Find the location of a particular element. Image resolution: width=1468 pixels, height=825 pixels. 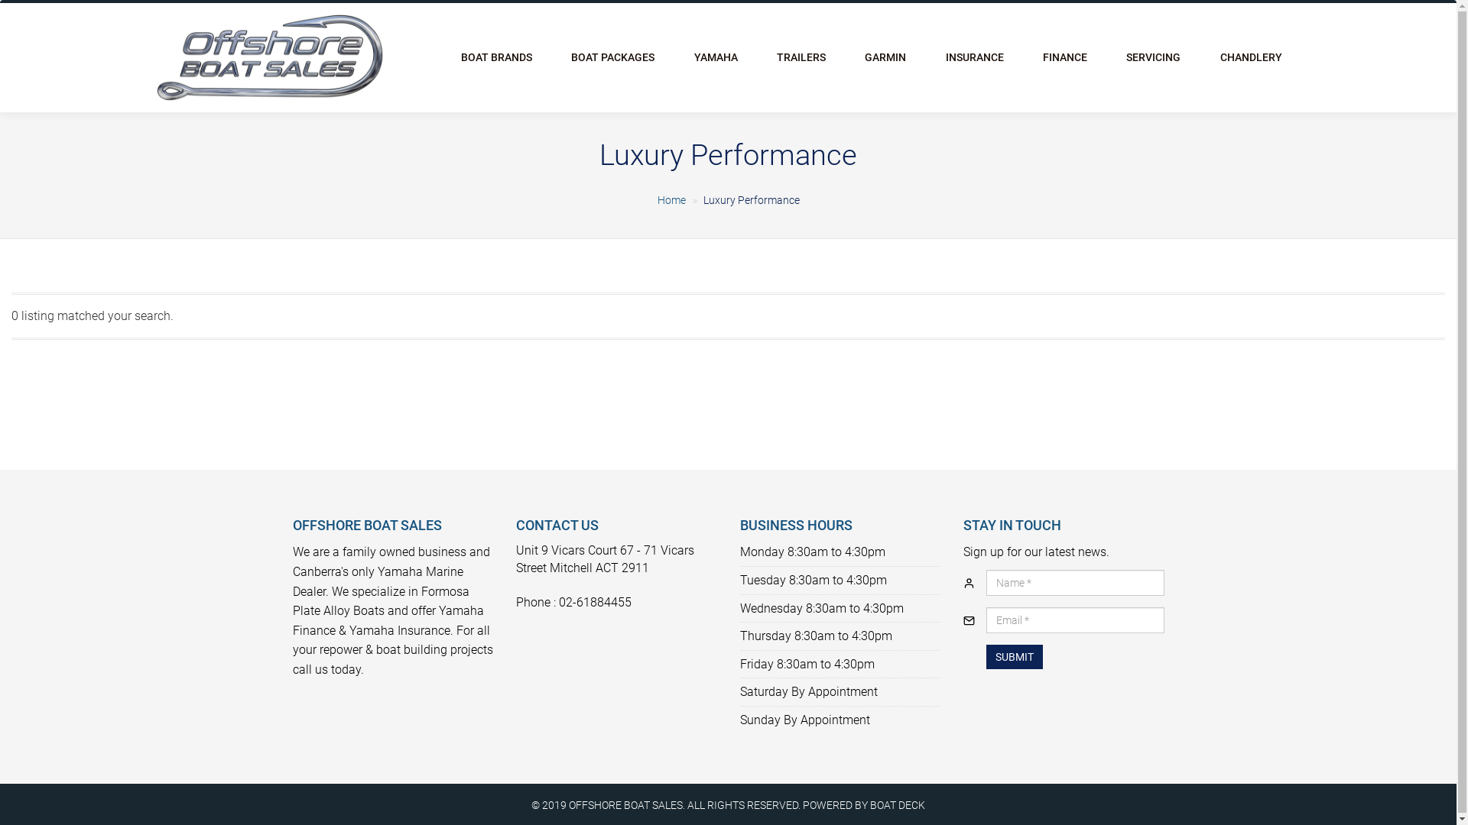

'BOAT DECK' is located at coordinates (898, 804).